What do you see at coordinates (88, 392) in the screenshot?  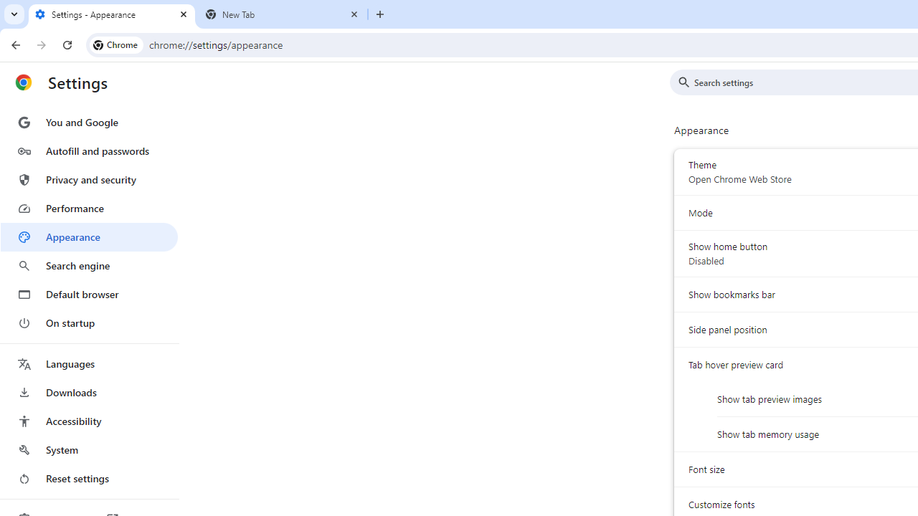 I see `'Downloads'` at bounding box center [88, 392].